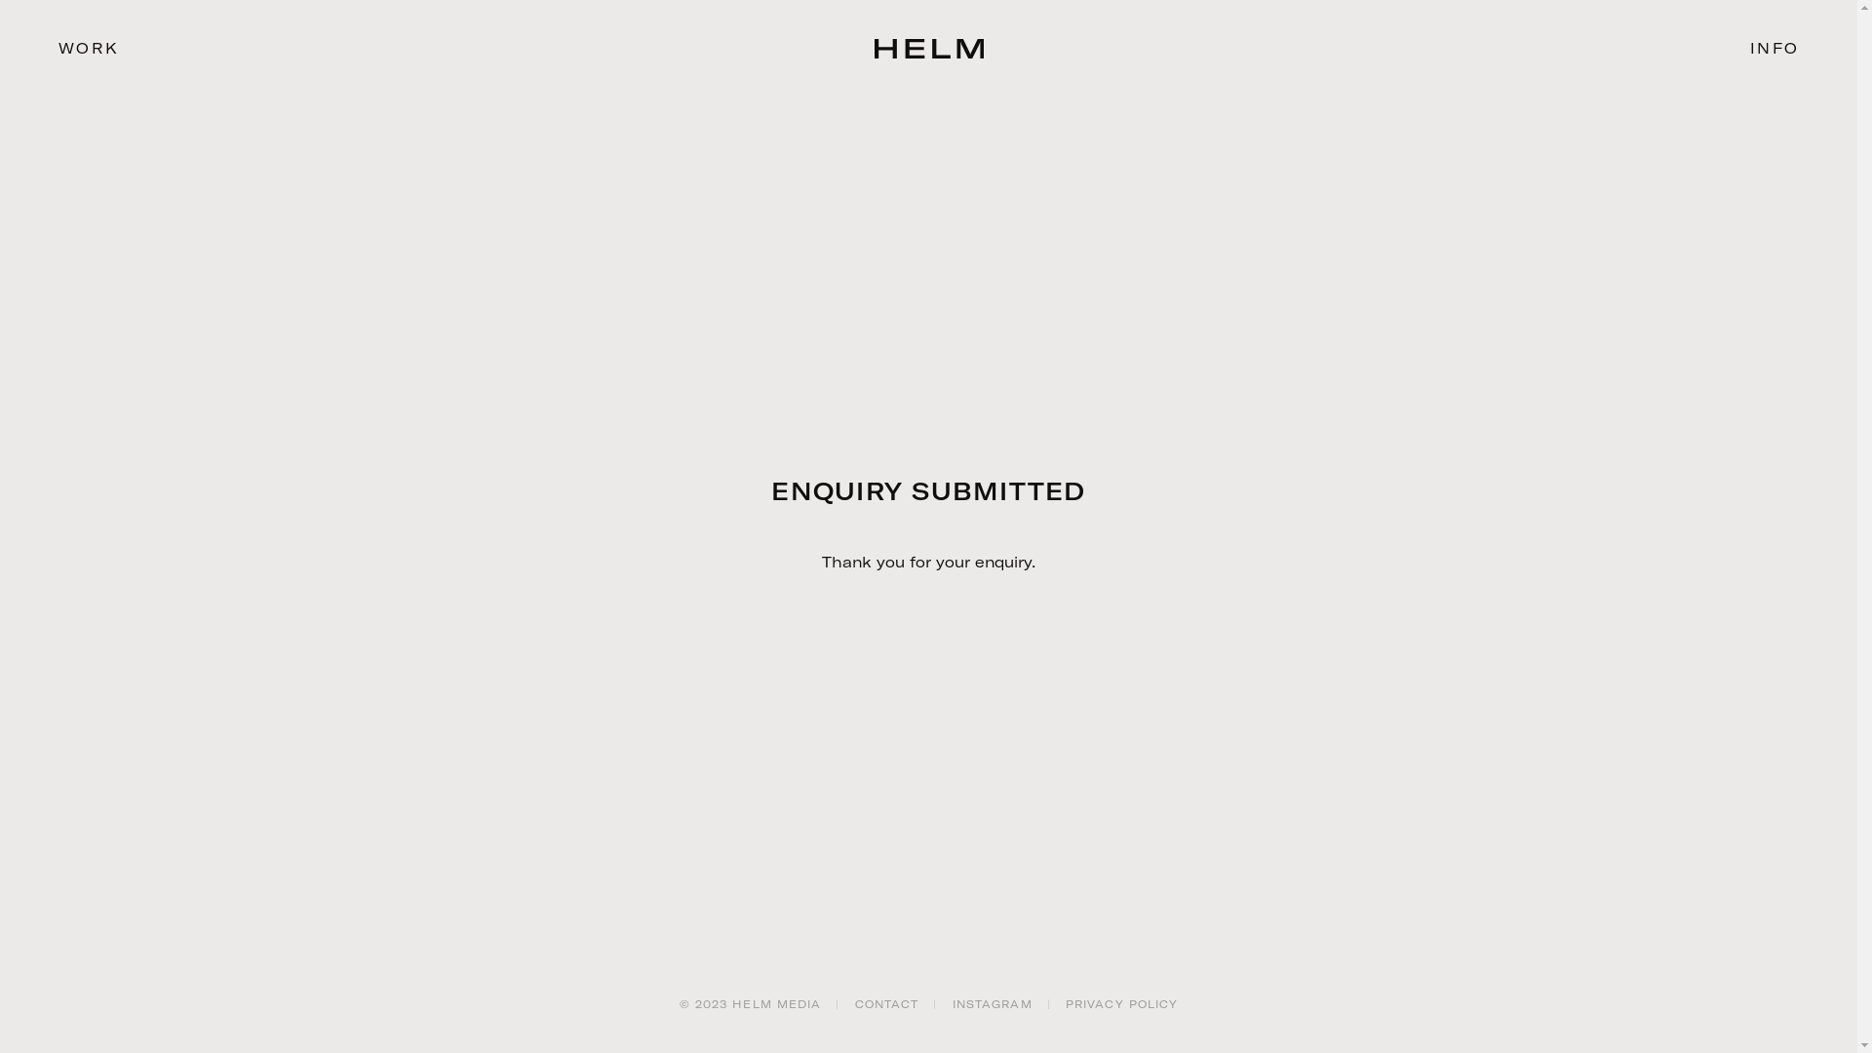 The width and height of the screenshot is (1872, 1053). I want to click on 'HELM Media', so click(926, 48).